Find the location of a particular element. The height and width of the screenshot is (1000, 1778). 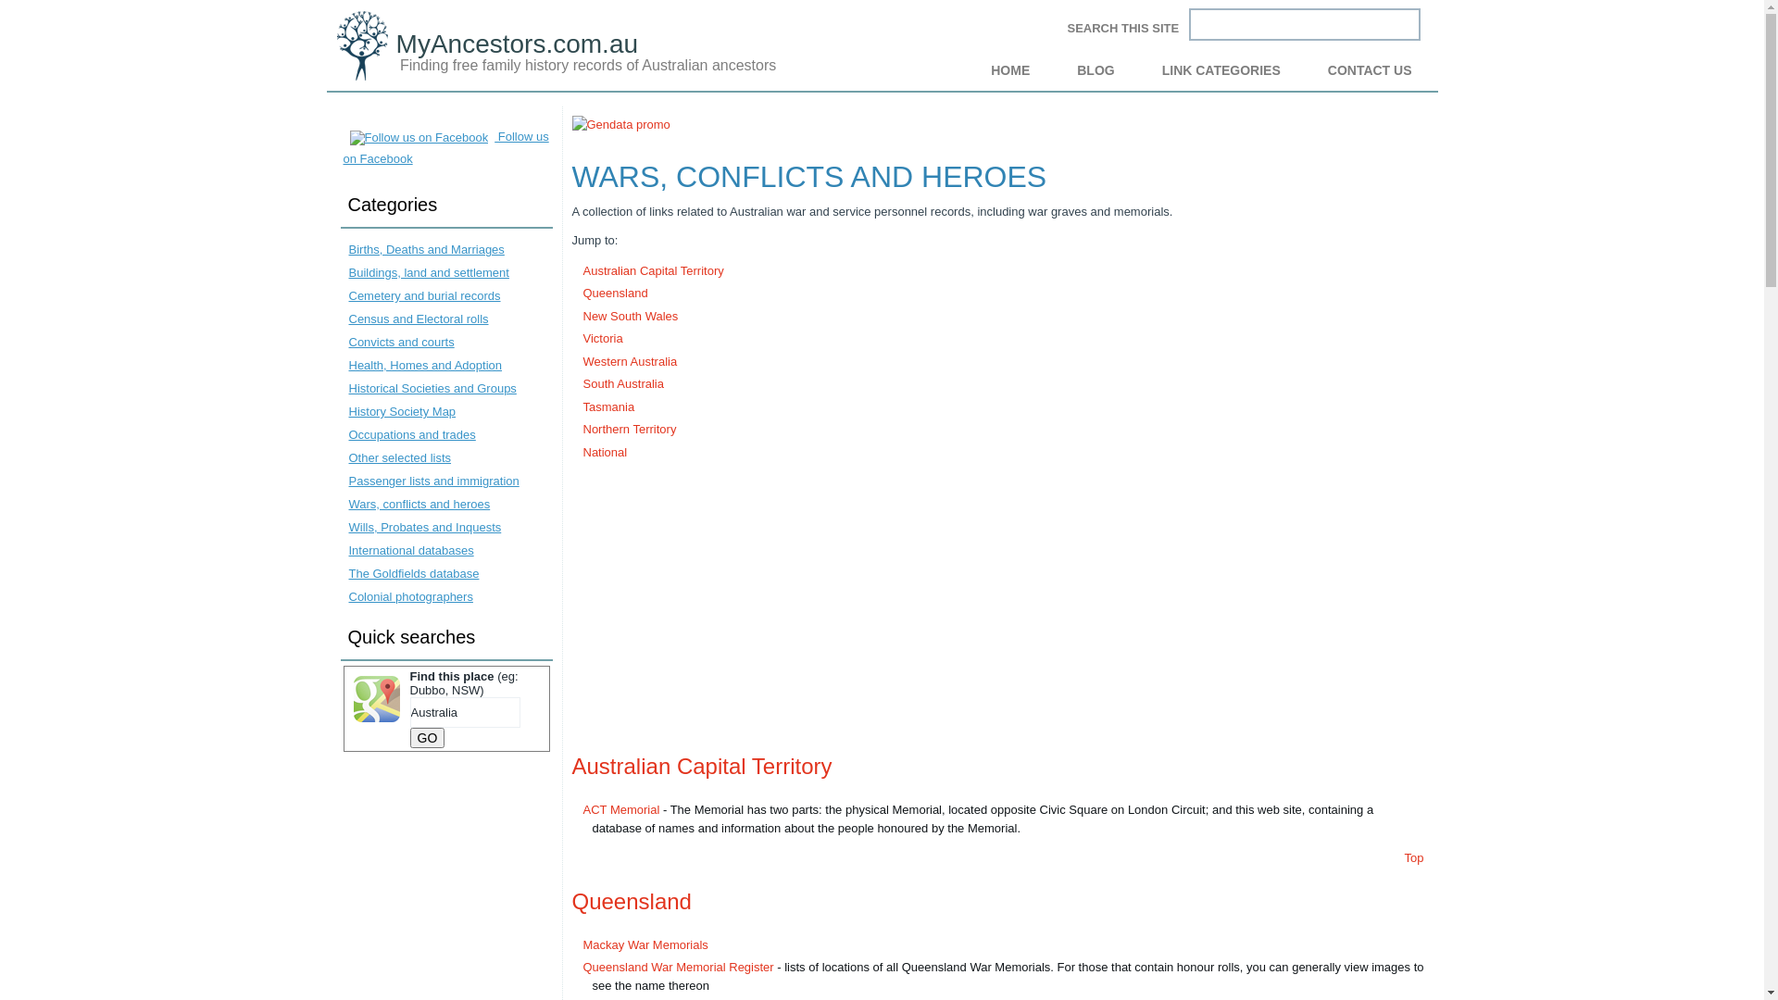

'Tasmania' is located at coordinates (608, 406).